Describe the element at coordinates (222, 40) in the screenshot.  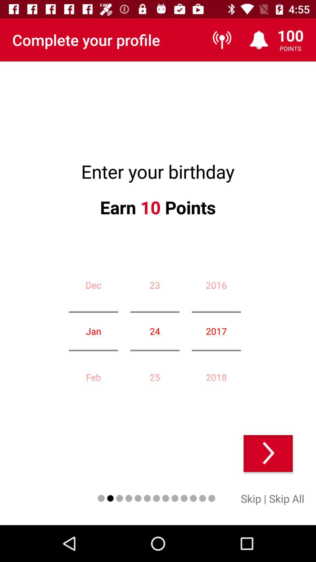
I see `icon beside bell symbol` at that location.